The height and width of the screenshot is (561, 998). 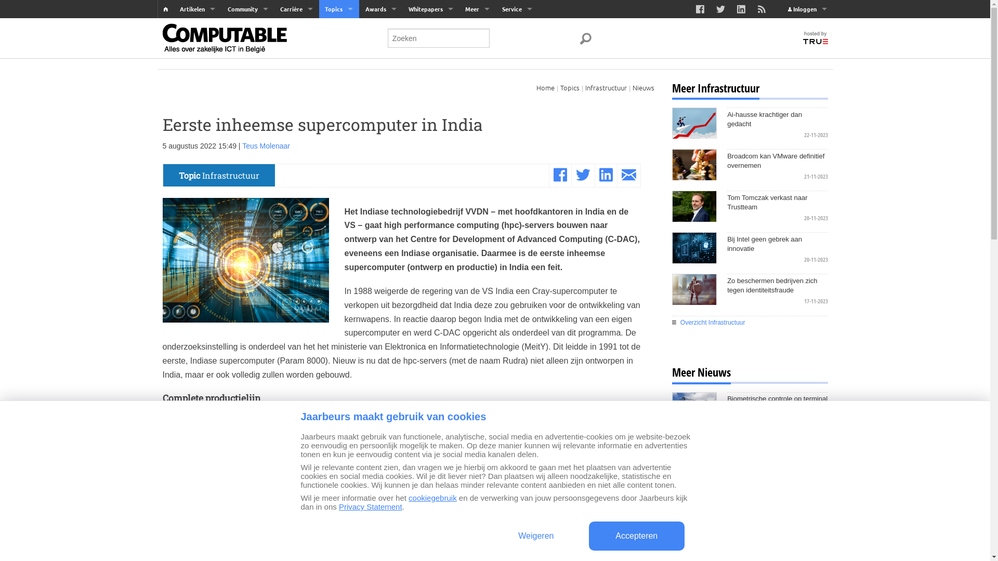 What do you see at coordinates (339, 45) in the screenshot?
I see `'Digital Workplace'` at bounding box center [339, 45].